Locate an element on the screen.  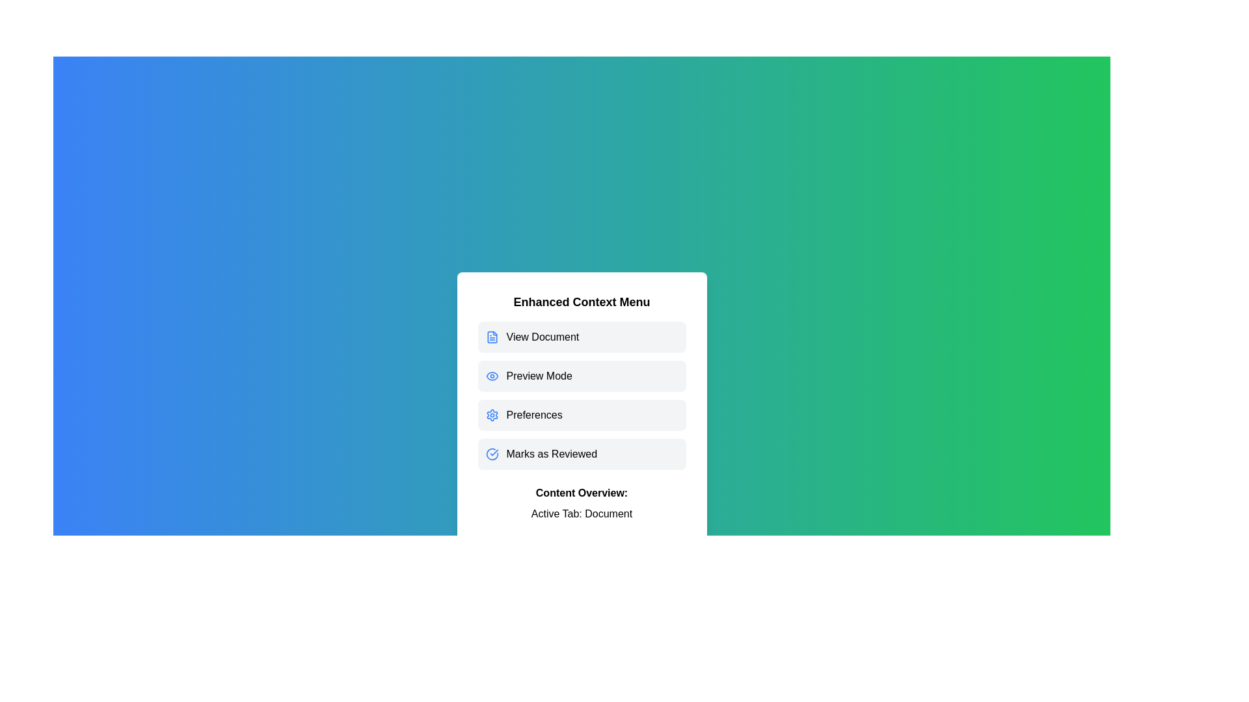
the menu option Preview Mode to inspect its associated icon is located at coordinates (581, 376).